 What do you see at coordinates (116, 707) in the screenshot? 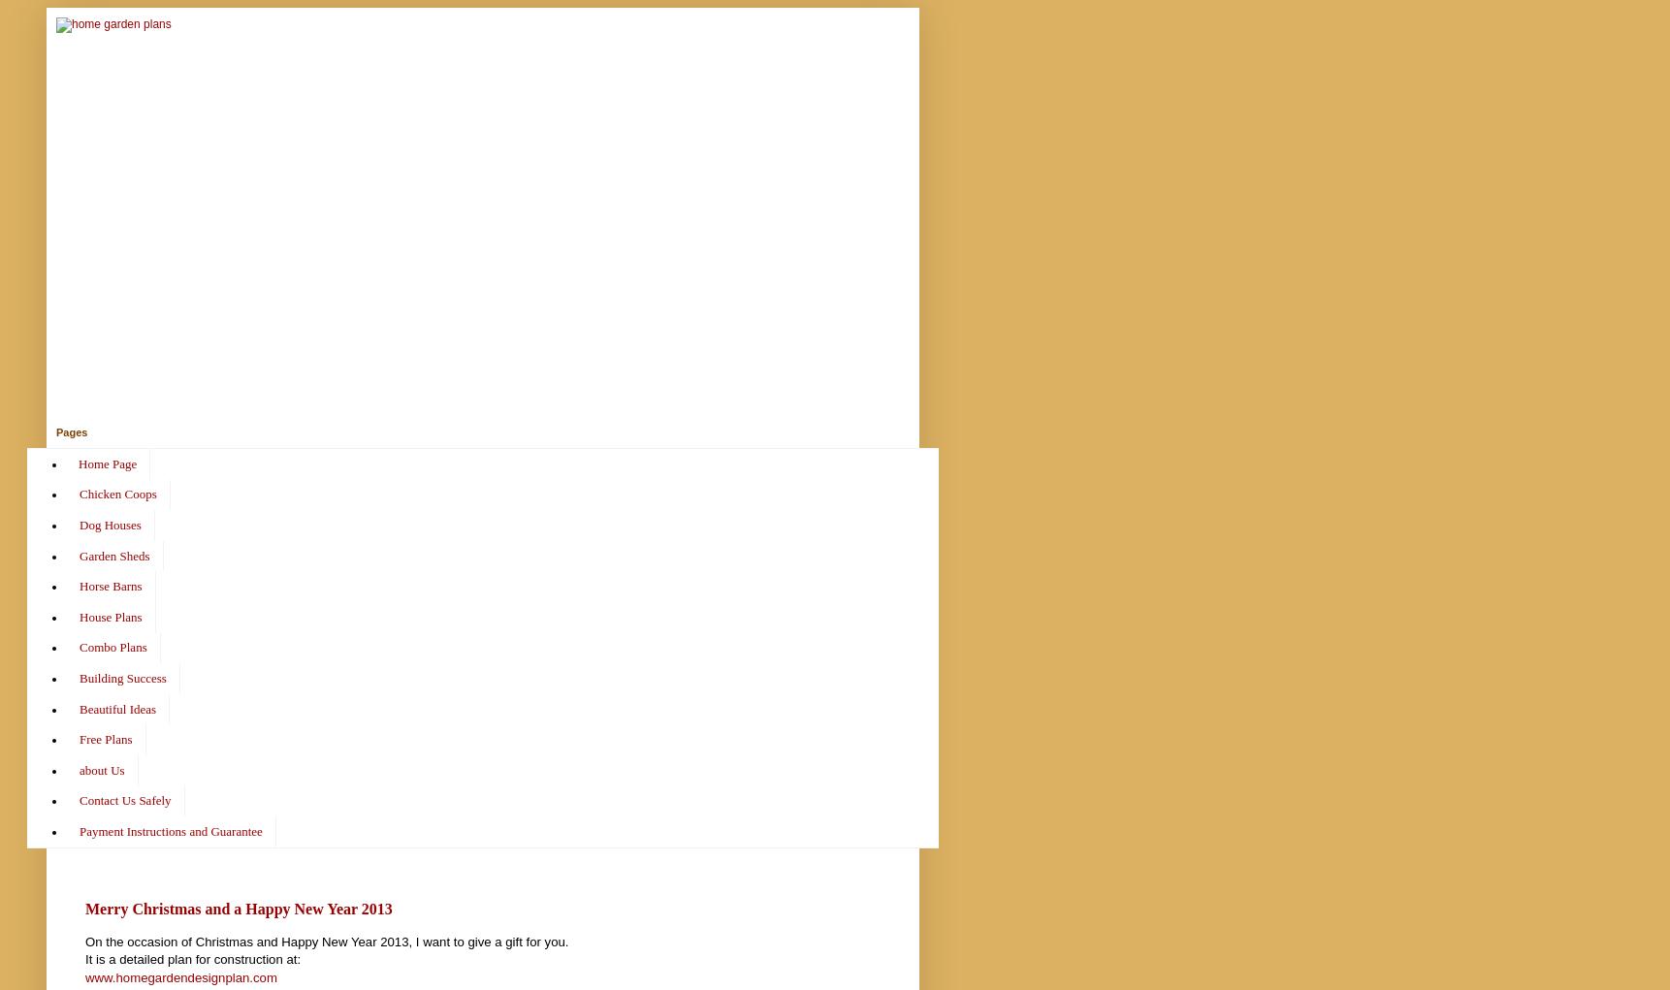
I see `'Beautiful Ideas'` at bounding box center [116, 707].